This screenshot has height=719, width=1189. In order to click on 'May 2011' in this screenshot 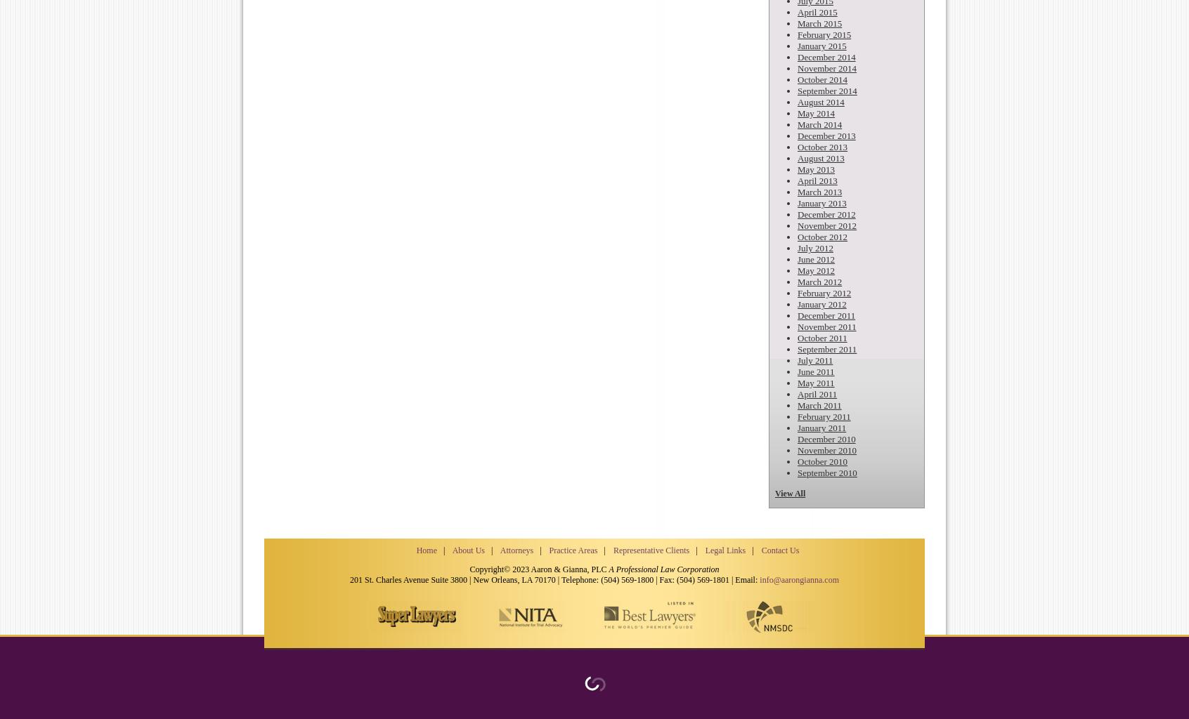, I will do `click(815, 383)`.